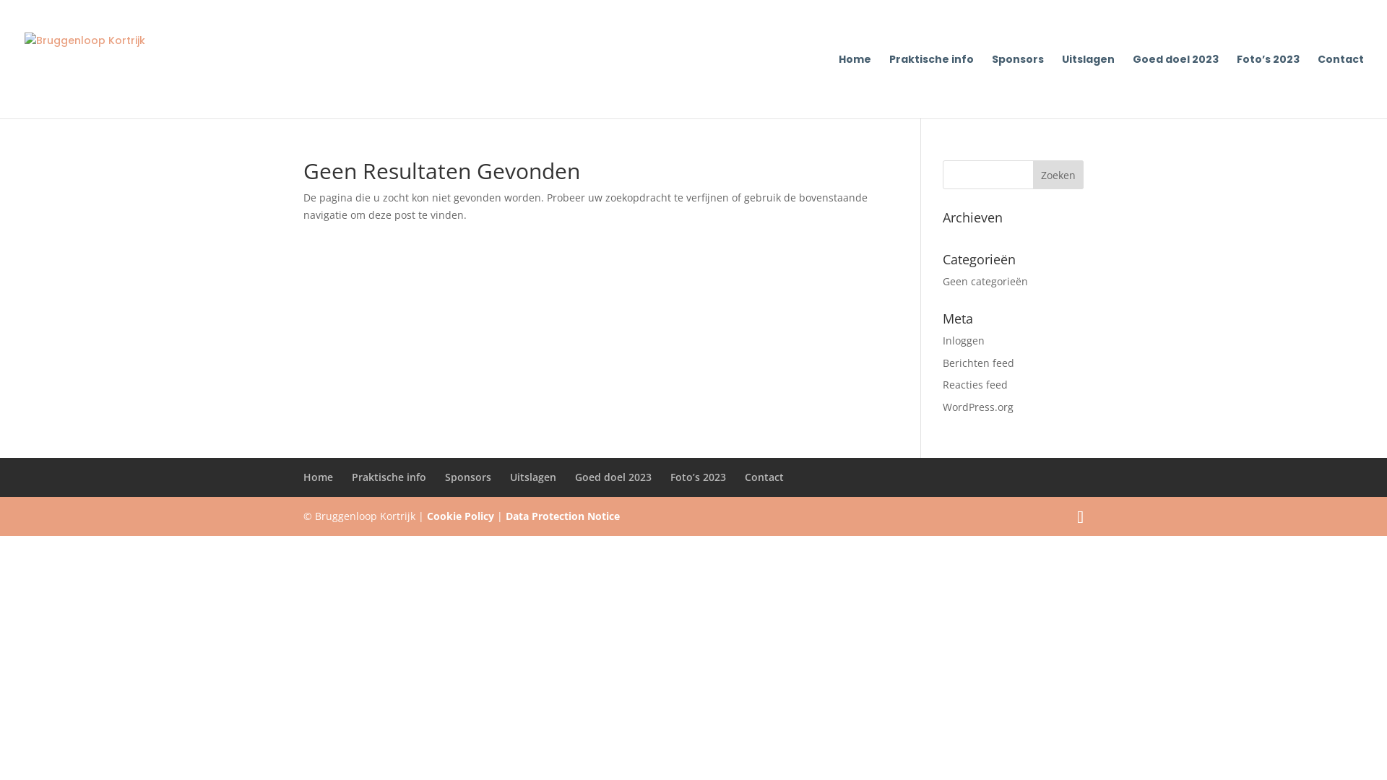  Describe the element at coordinates (931, 86) in the screenshot. I see `'Praktische info'` at that location.